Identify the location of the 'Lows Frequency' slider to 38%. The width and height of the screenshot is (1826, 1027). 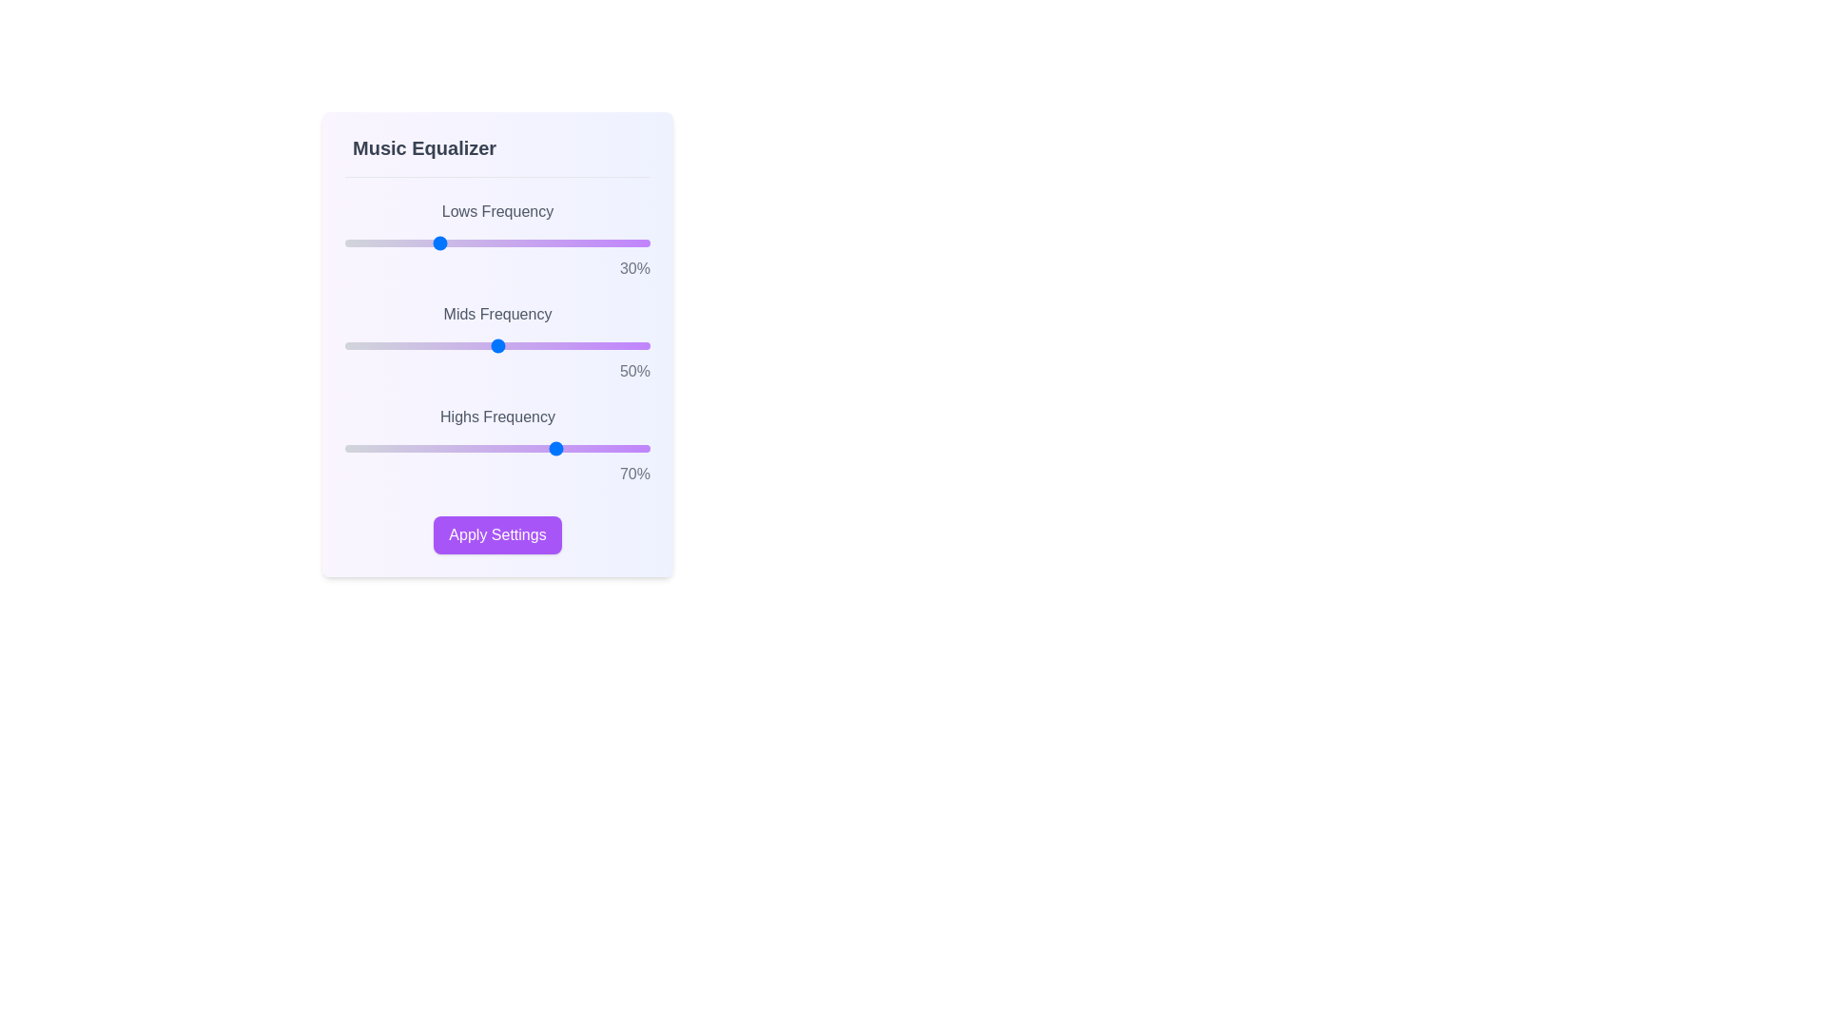
(460, 242).